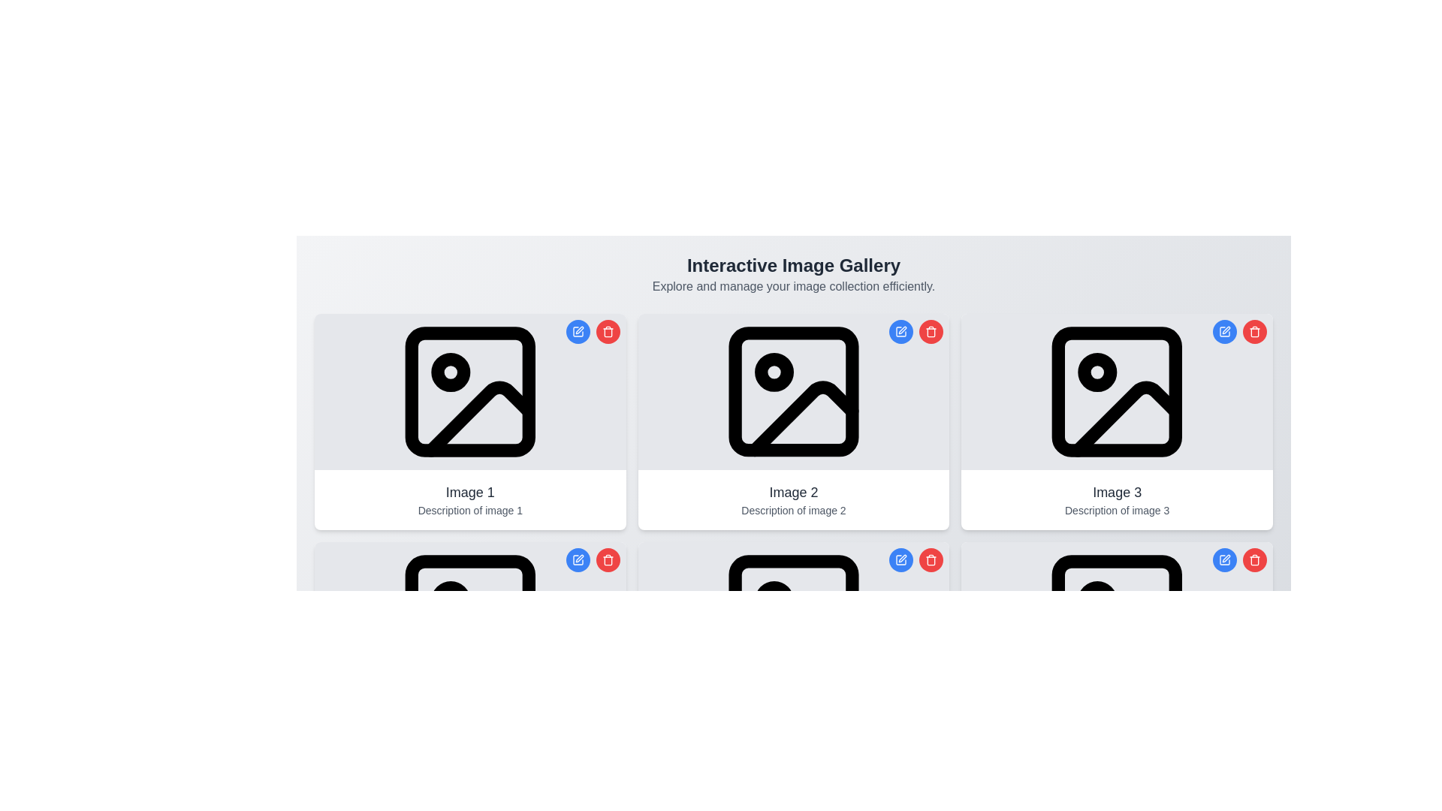 The width and height of the screenshot is (1442, 811). What do you see at coordinates (792, 275) in the screenshot?
I see `text from the header text block located at the top of the image gallery interface, which provides the title and explanatory subtitle` at bounding box center [792, 275].